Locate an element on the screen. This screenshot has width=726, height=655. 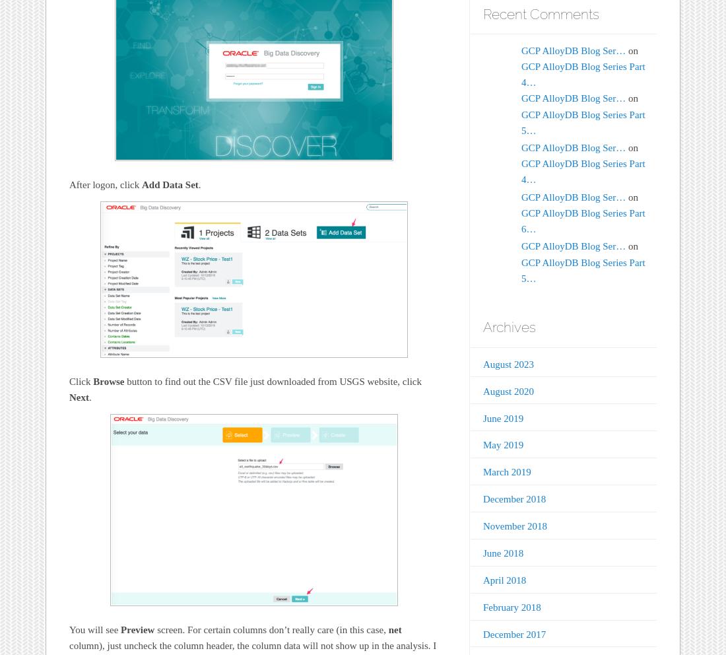
'Add Data Set' is located at coordinates (141, 184).